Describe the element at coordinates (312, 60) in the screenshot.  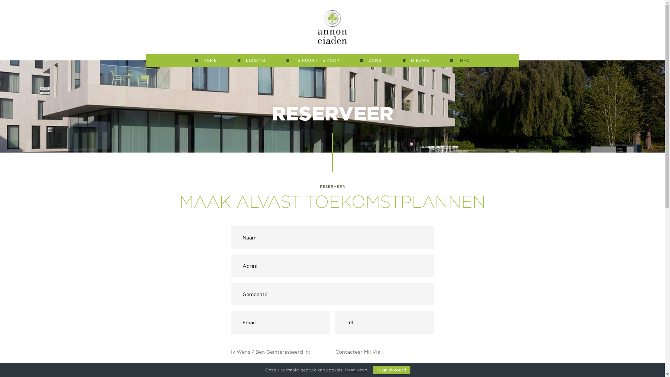
I see `'TE HUUR / TE KOOP'` at that location.